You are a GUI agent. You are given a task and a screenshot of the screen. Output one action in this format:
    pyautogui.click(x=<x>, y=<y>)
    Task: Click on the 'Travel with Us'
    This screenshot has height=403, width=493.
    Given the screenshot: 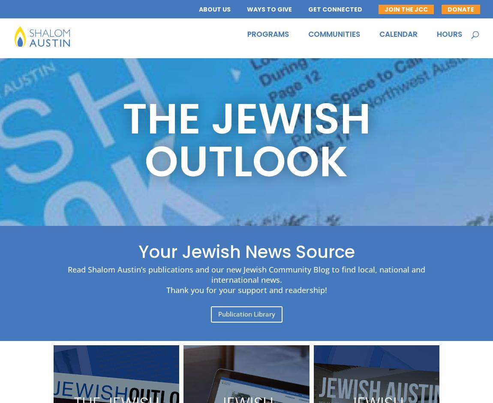 What is the action you would take?
    pyautogui.click(x=329, y=98)
    